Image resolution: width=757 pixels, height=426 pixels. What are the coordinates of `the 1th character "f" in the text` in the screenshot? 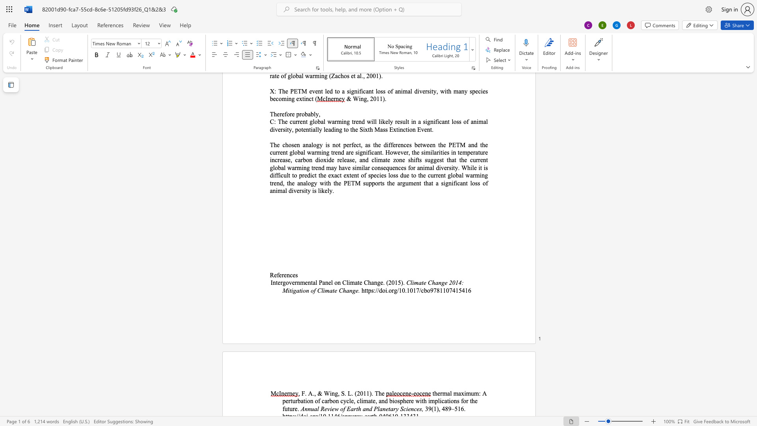 It's located at (278, 275).